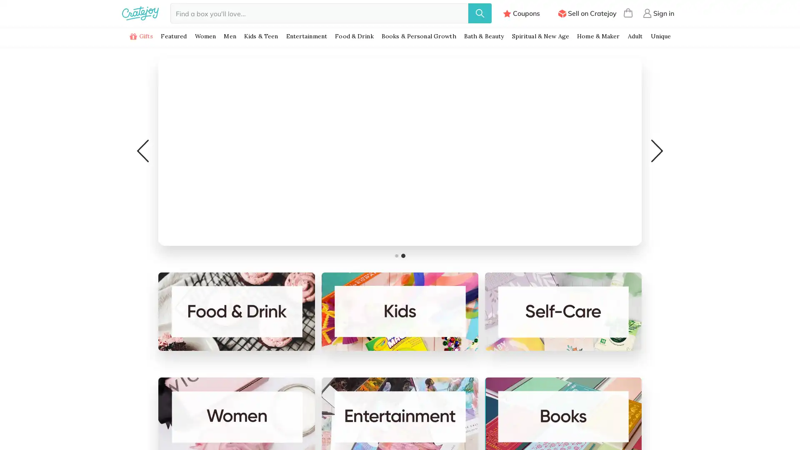 This screenshot has width=800, height=450. Describe the element at coordinates (658, 13) in the screenshot. I see `Sign in` at that location.